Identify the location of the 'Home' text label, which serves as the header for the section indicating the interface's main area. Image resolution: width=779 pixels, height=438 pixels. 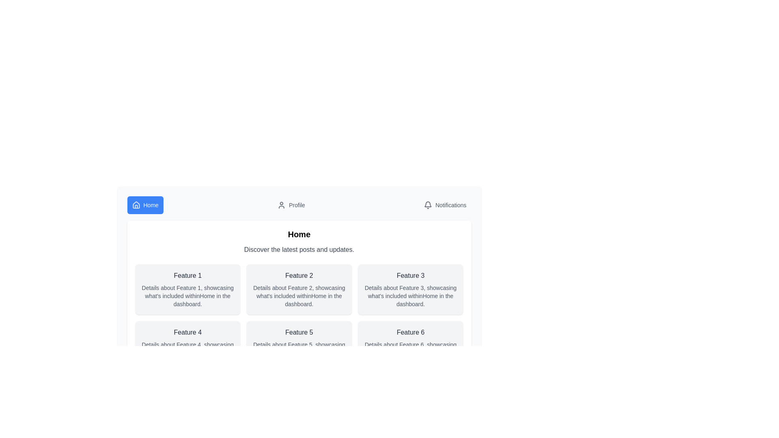
(299, 234).